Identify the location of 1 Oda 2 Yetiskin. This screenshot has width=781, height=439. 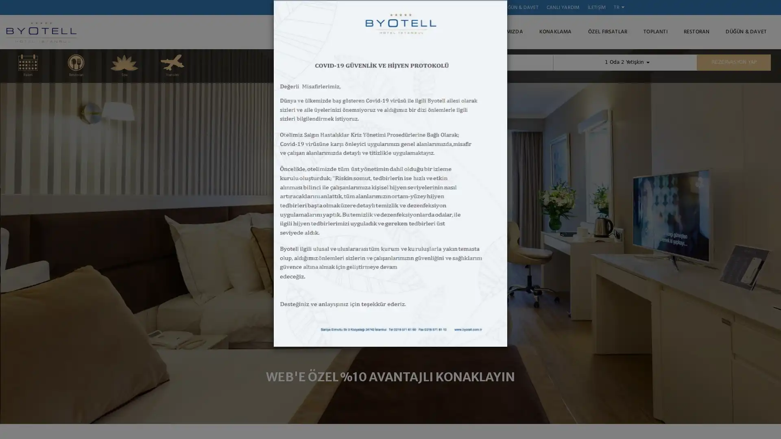
(626, 62).